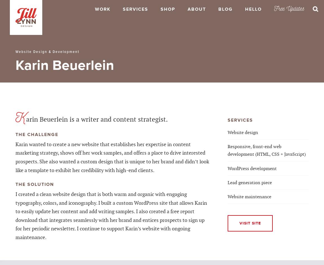 This screenshot has height=265, width=324. I want to click on 'Karin Beuerlein is a writer and content strategist.', so click(91, 117).